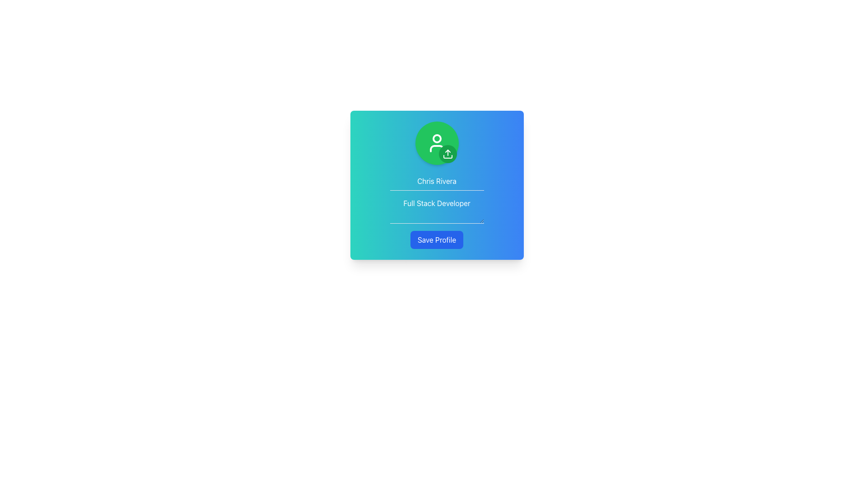 The height and width of the screenshot is (488, 867). What do you see at coordinates (437, 142) in the screenshot?
I see `the user avatar SVG icon, which is styled with a circular head and shoulders in white color, located centrally within a green circular background near the top center of the interface` at bounding box center [437, 142].